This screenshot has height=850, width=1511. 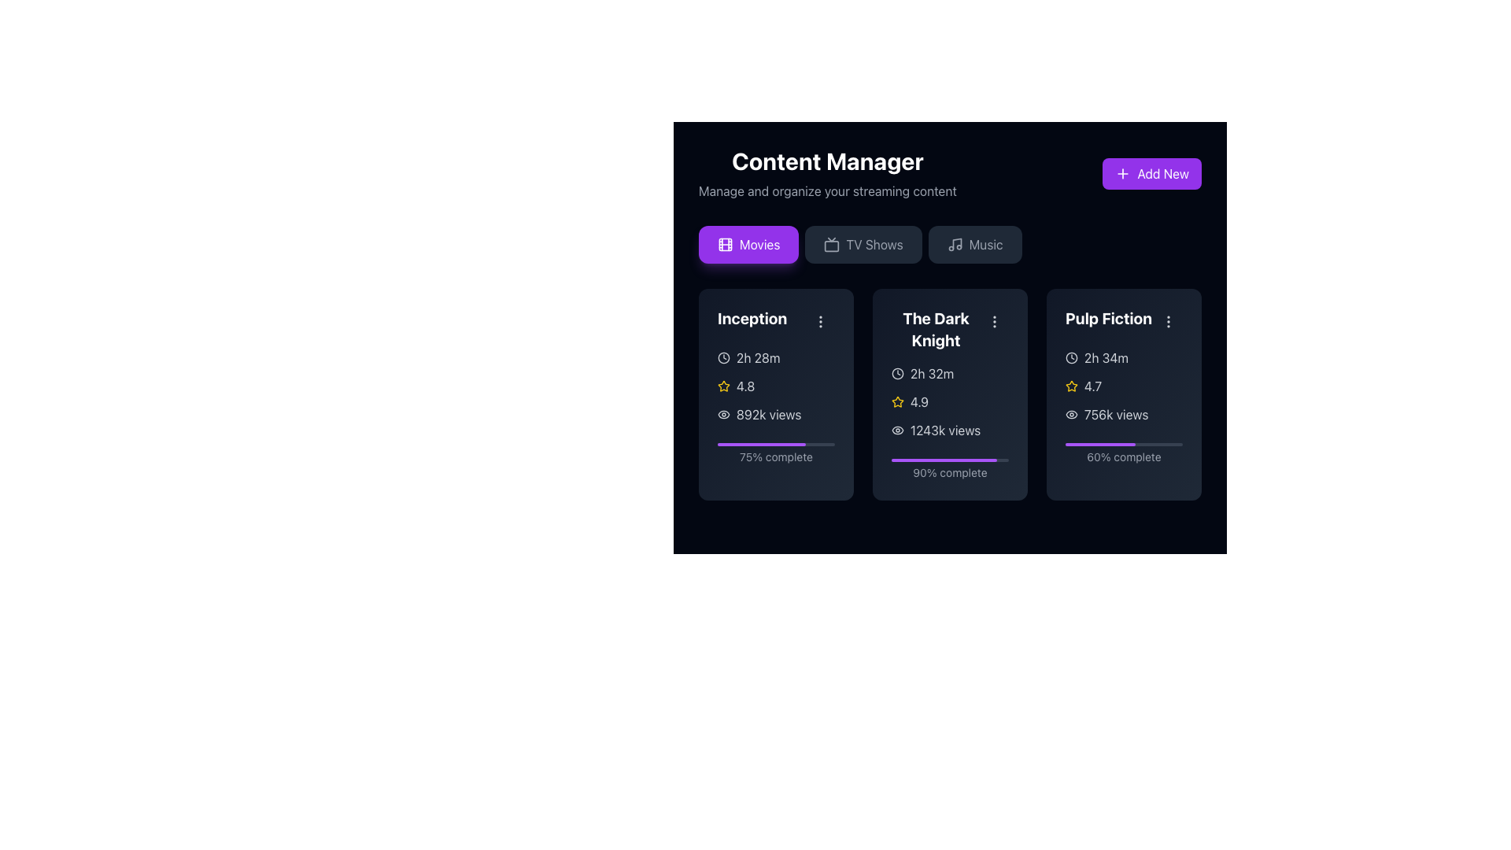 I want to click on the static informational label displaying the duration of the movie 'Inception', located in the top-left section of the movie card, so click(x=776, y=358).